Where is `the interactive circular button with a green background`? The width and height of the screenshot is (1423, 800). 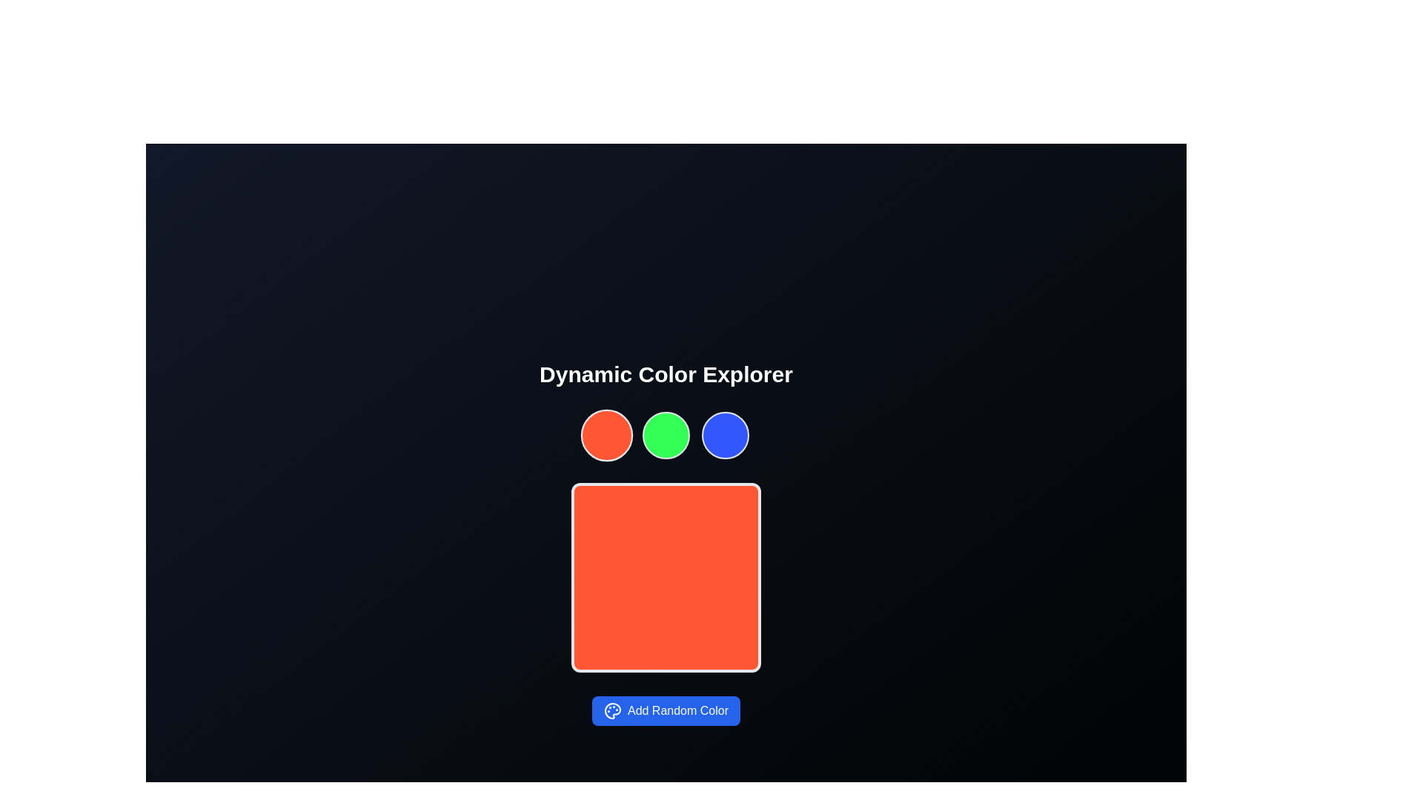 the interactive circular button with a green background is located at coordinates (665, 434).